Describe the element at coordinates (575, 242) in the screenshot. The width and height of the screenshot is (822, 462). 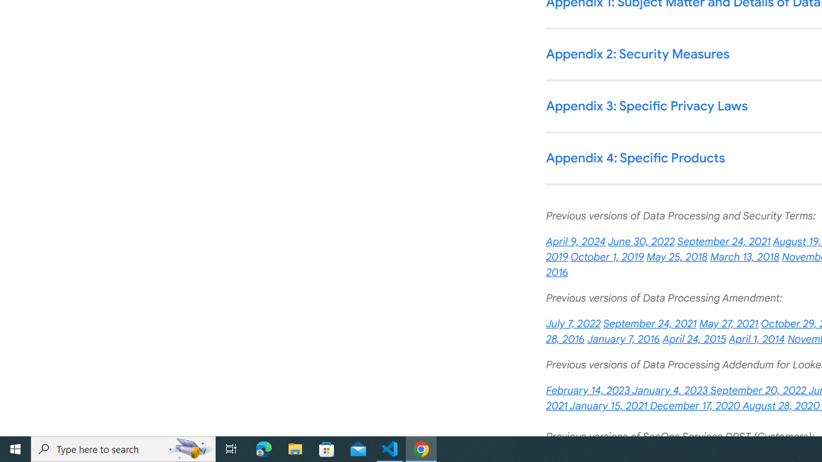
I see `'April 9, 2024'` at that location.